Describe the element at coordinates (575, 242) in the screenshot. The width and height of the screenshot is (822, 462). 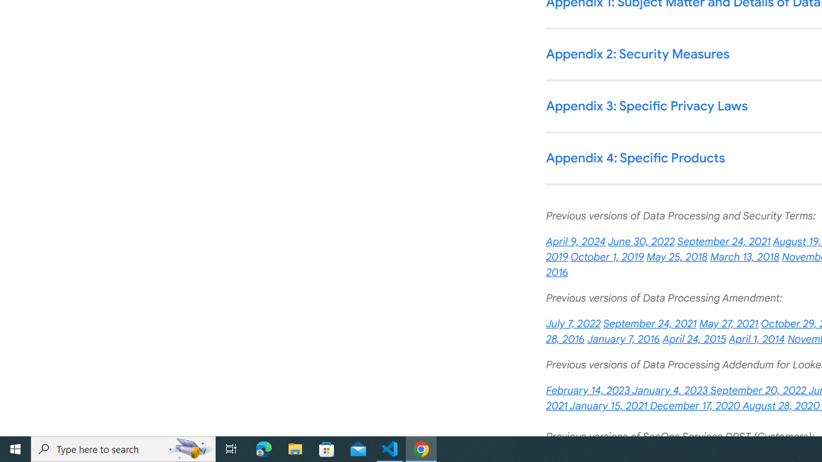
I see `'April 9, 2024'` at that location.